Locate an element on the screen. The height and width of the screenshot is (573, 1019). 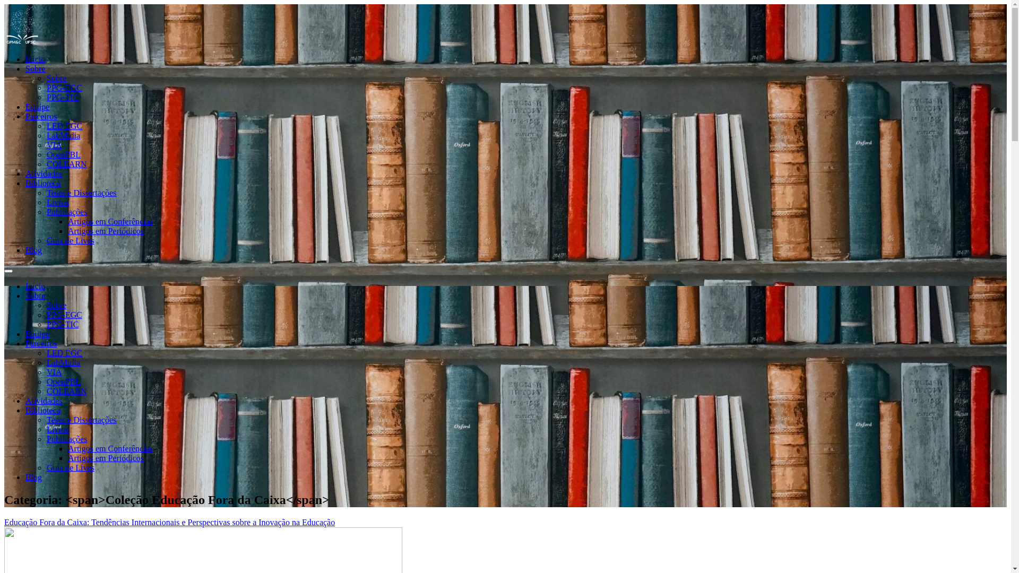
'PPG-EGC' is located at coordinates (64, 314).